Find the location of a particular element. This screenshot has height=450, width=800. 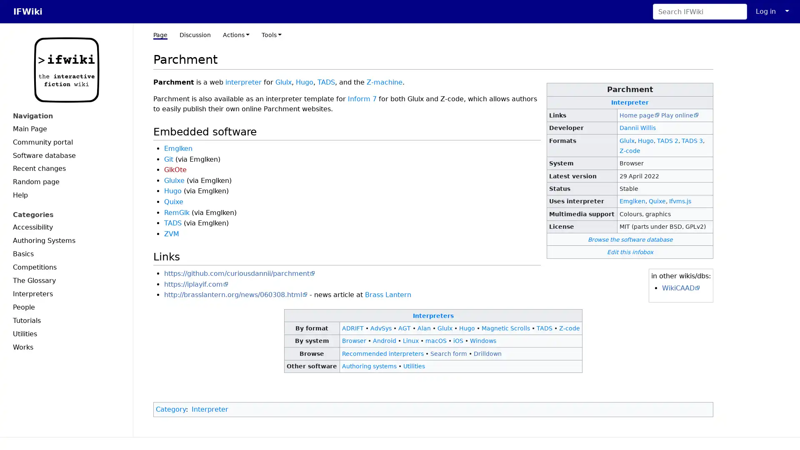

Navigation is located at coordinates (66, 116).